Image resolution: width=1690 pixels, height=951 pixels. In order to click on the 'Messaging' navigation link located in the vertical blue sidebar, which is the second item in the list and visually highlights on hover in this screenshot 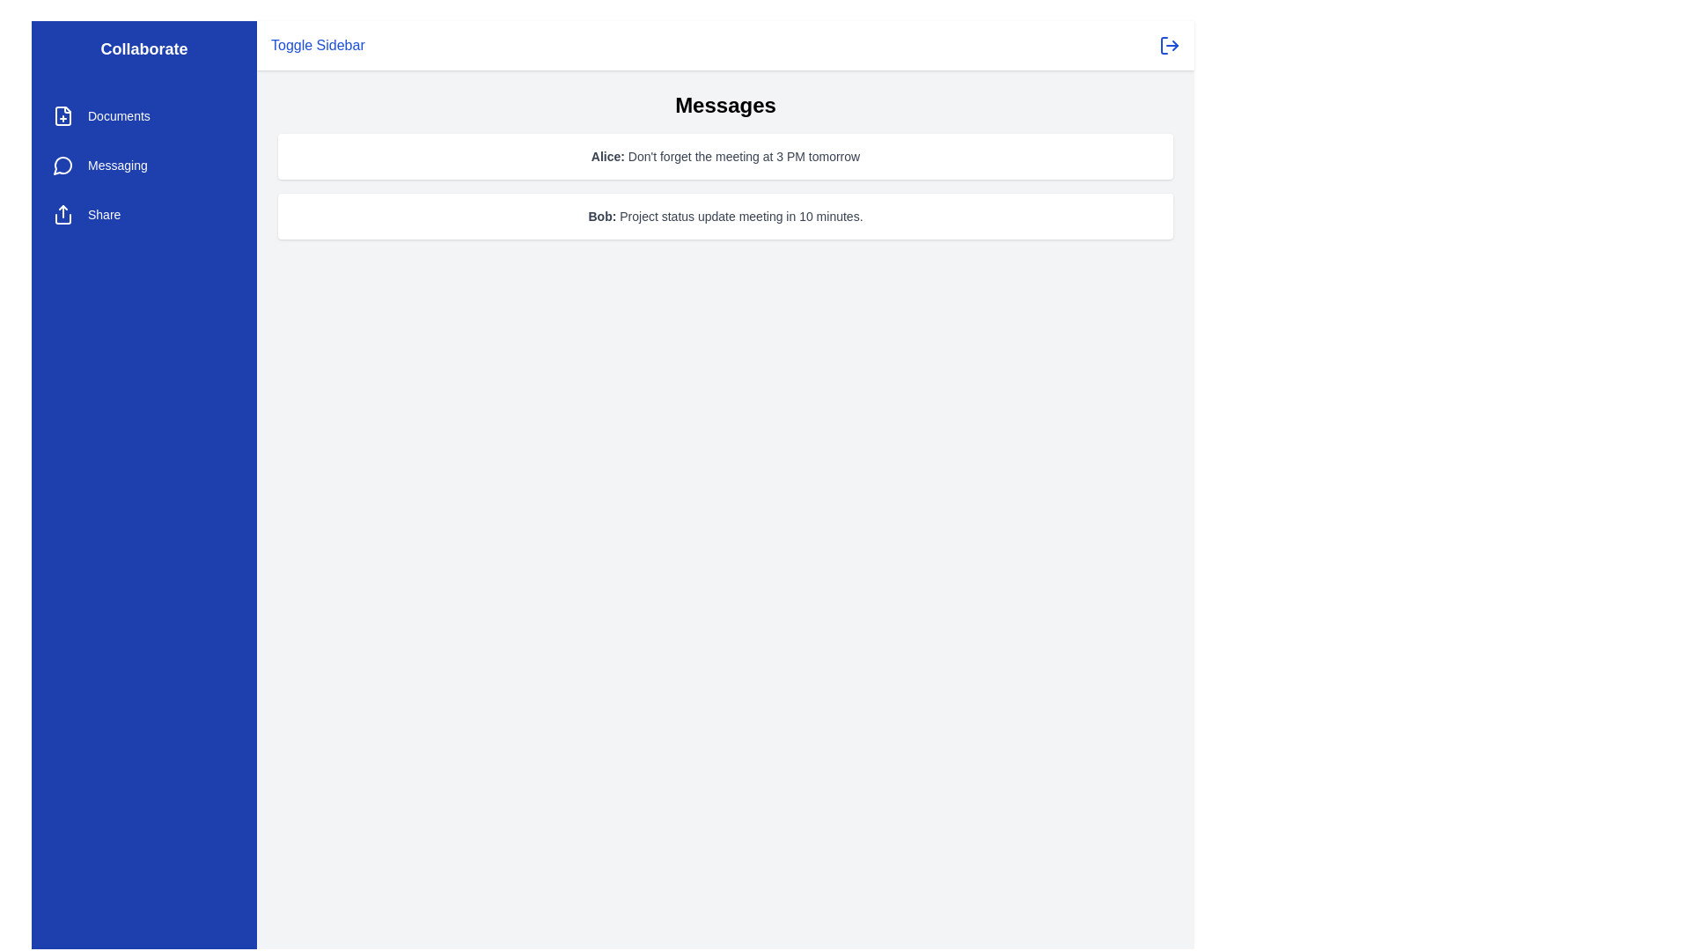, I will do `click(143, 166)`.